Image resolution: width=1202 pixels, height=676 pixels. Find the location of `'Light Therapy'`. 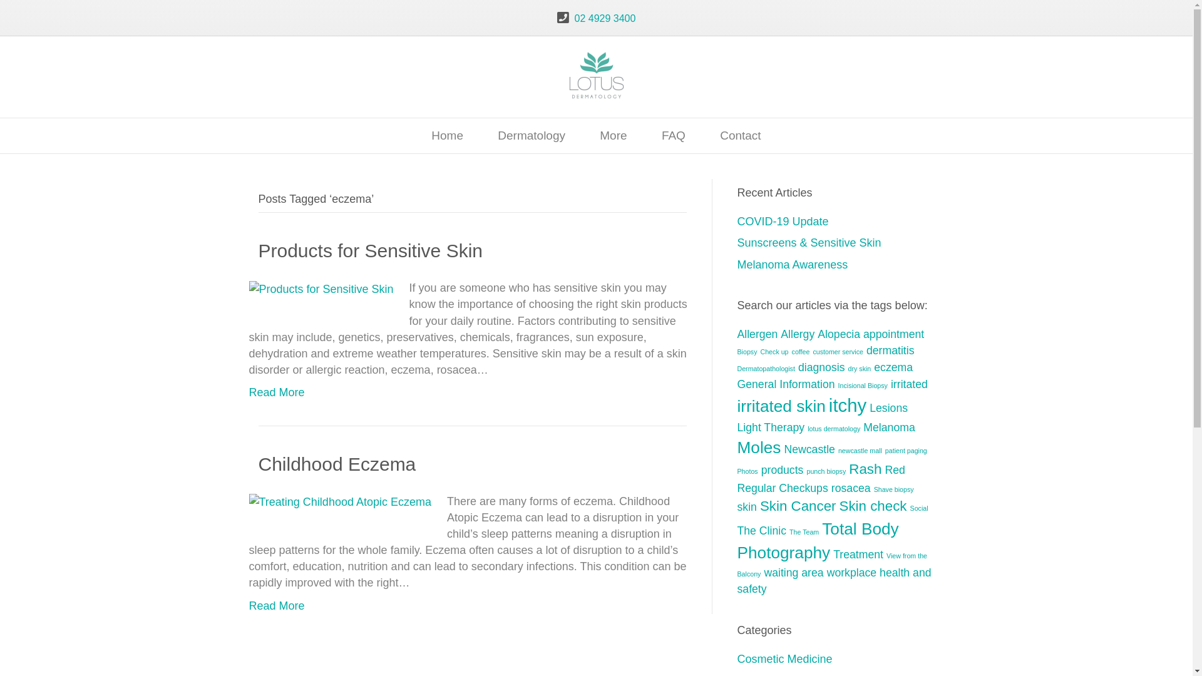

'Light Therapy' is located at coordinates (737, 426).